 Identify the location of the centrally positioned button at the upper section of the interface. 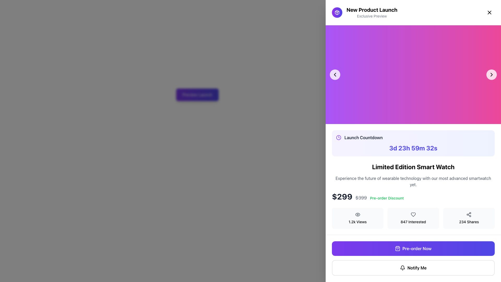
(197, 95).